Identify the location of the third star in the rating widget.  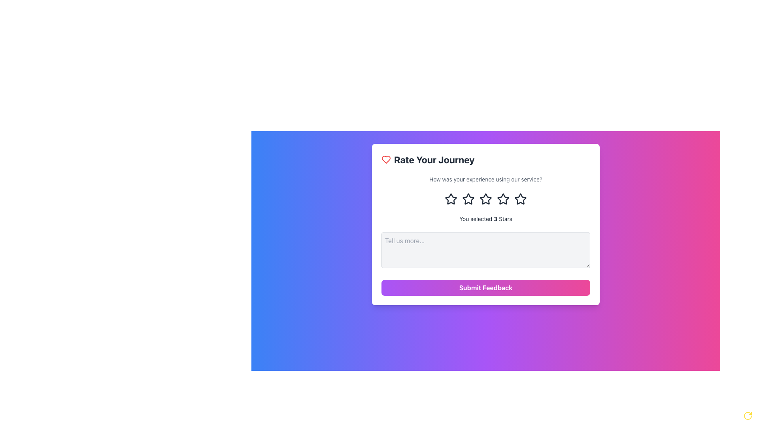
(451, 198).